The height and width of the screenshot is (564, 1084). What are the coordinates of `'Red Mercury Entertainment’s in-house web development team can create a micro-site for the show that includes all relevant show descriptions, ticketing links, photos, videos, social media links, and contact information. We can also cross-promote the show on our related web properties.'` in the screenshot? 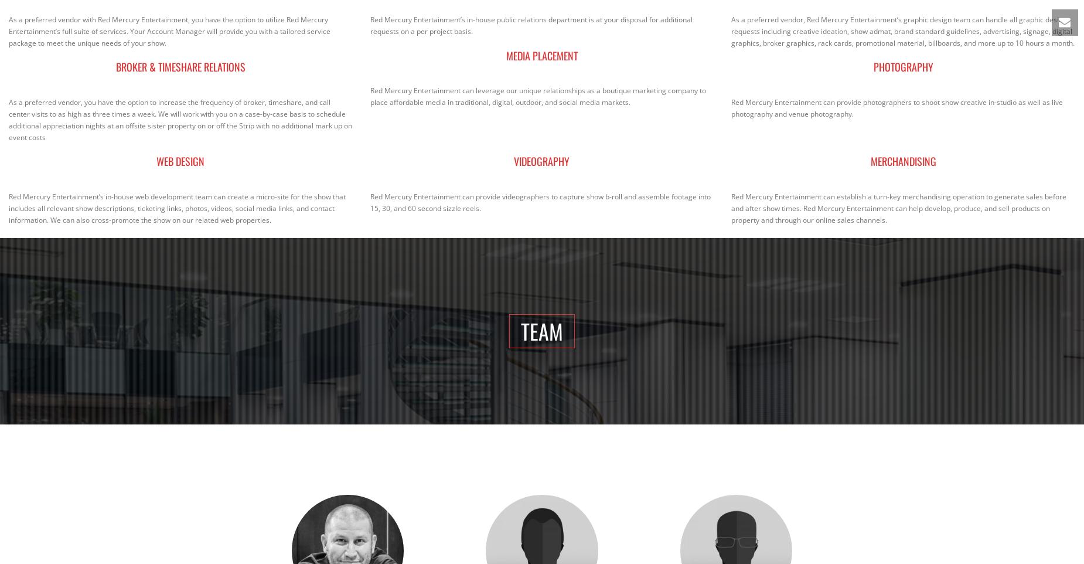 It's located at (176, 208).